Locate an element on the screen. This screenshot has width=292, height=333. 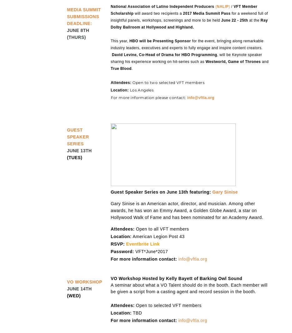
'2017 Media Summit Pass' is located at coordinates (206, 13).